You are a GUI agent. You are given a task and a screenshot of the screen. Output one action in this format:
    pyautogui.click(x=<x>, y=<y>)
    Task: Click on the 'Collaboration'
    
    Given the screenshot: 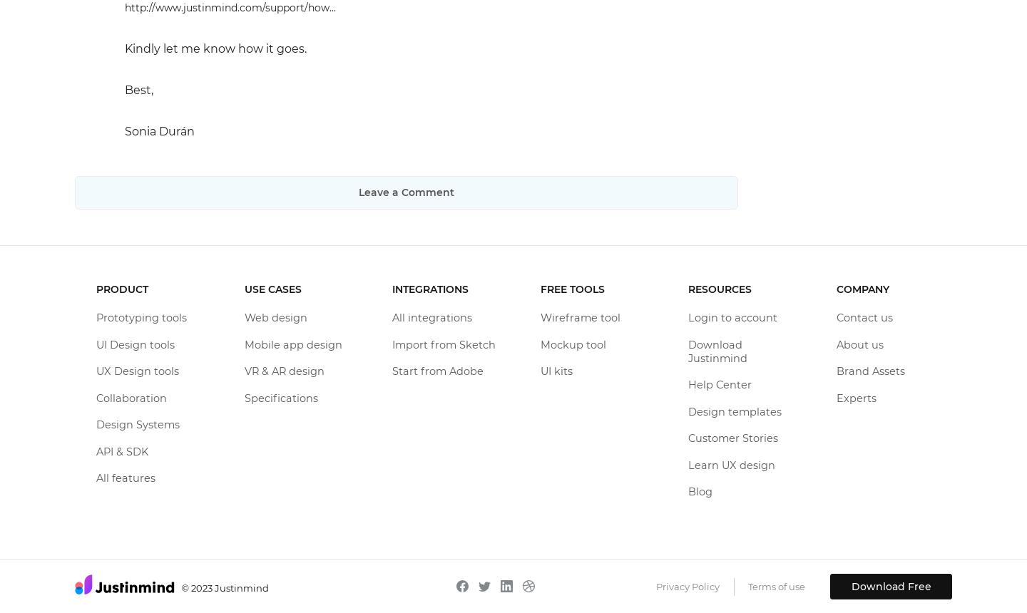 What is the action you would take?
    pyautogui.click(x=131, y=397)
    